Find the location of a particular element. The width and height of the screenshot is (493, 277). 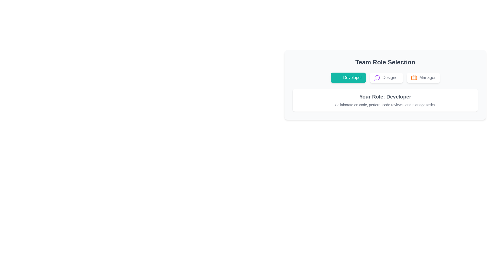

the 'Manager' icon located at the rightmost side of the role-selection interface, which is part of a horizontal layout of options including 'Developer' and 'Designer' is located at coordinates (414, 78).